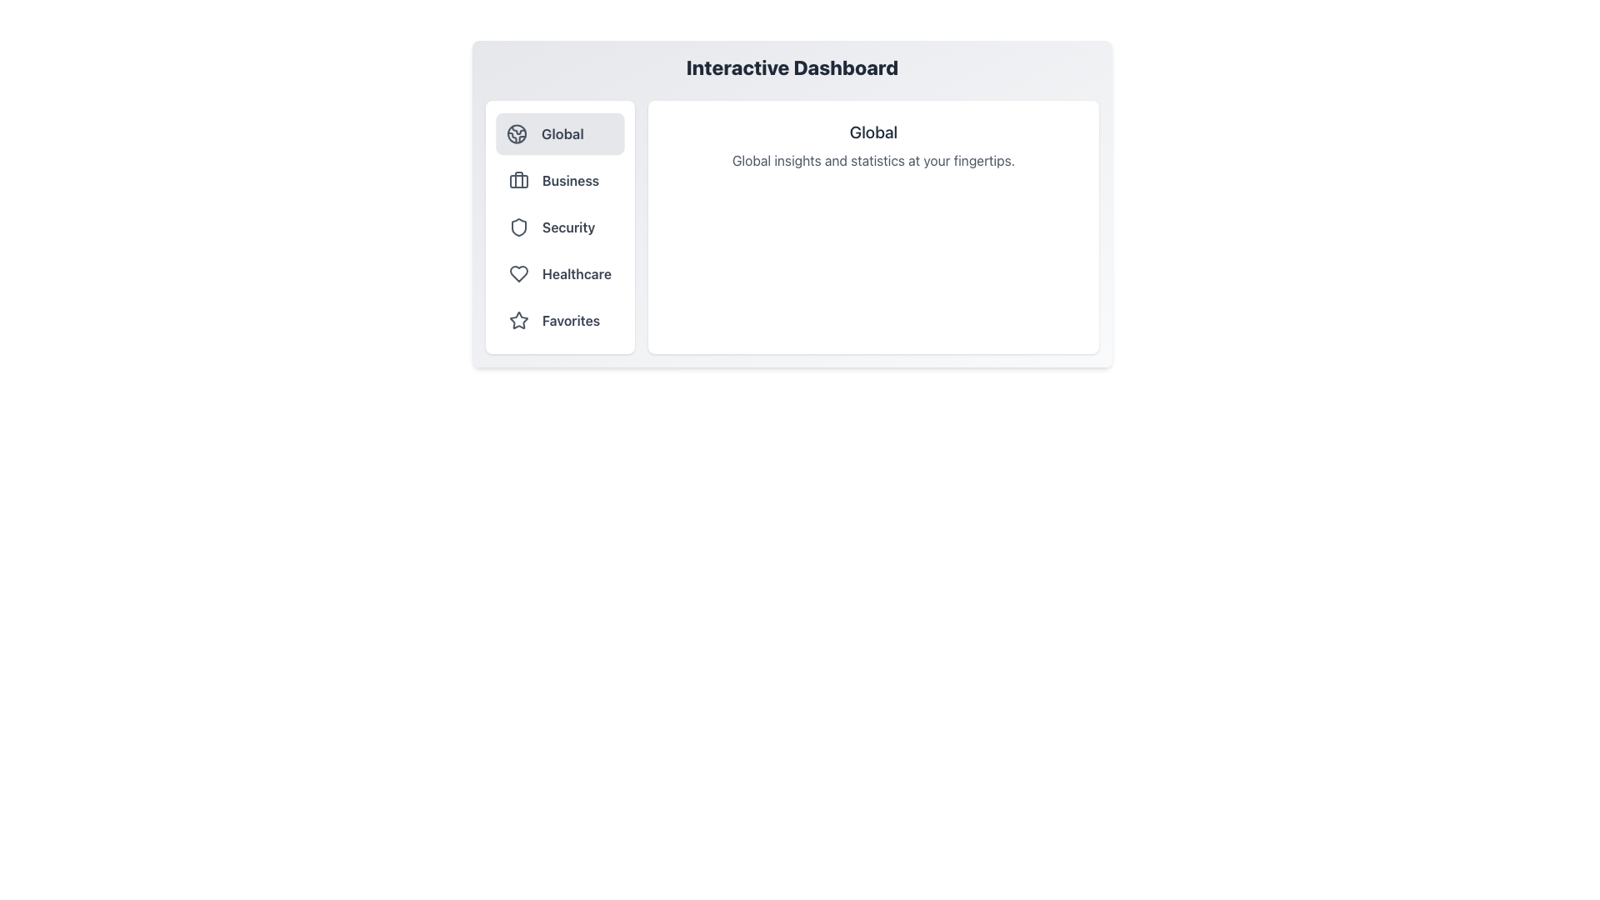  Describe the element at coordinates (571, 180) in the screenshot. I see `label of the 'Business' section text label located under the 'Global' menu item in the left panel` at that location.